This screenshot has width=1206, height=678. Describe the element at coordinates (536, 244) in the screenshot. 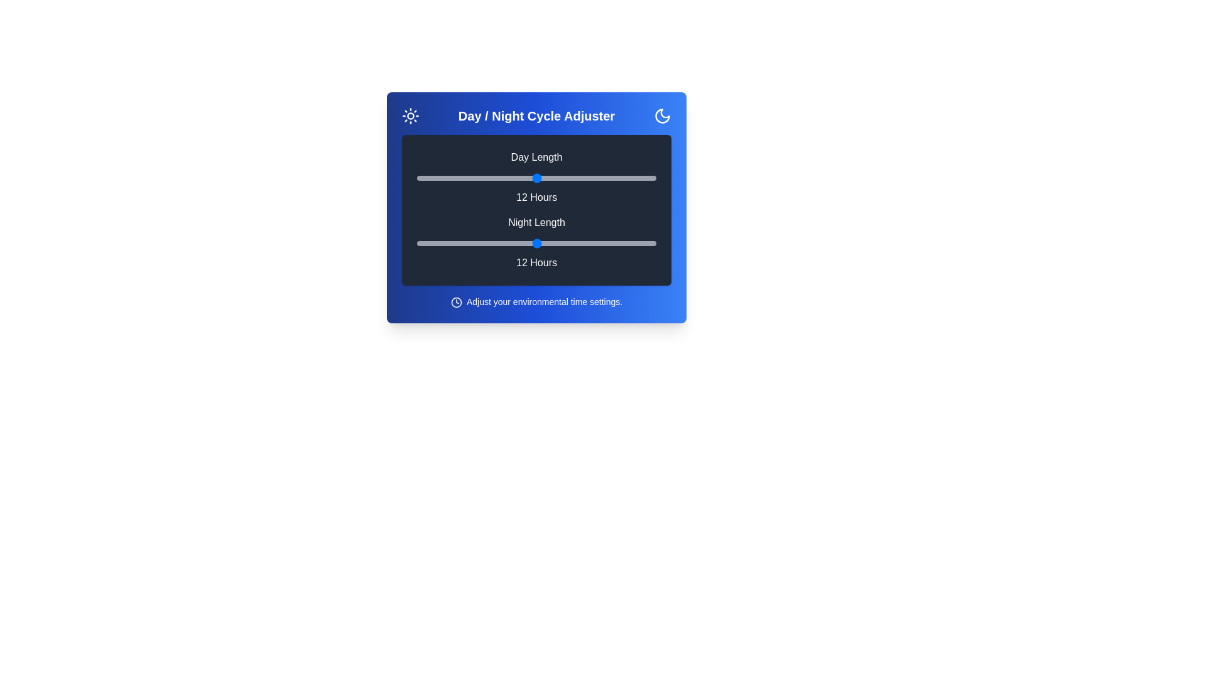

I see `the 'Night Length' slider to 12 hours` at that location.